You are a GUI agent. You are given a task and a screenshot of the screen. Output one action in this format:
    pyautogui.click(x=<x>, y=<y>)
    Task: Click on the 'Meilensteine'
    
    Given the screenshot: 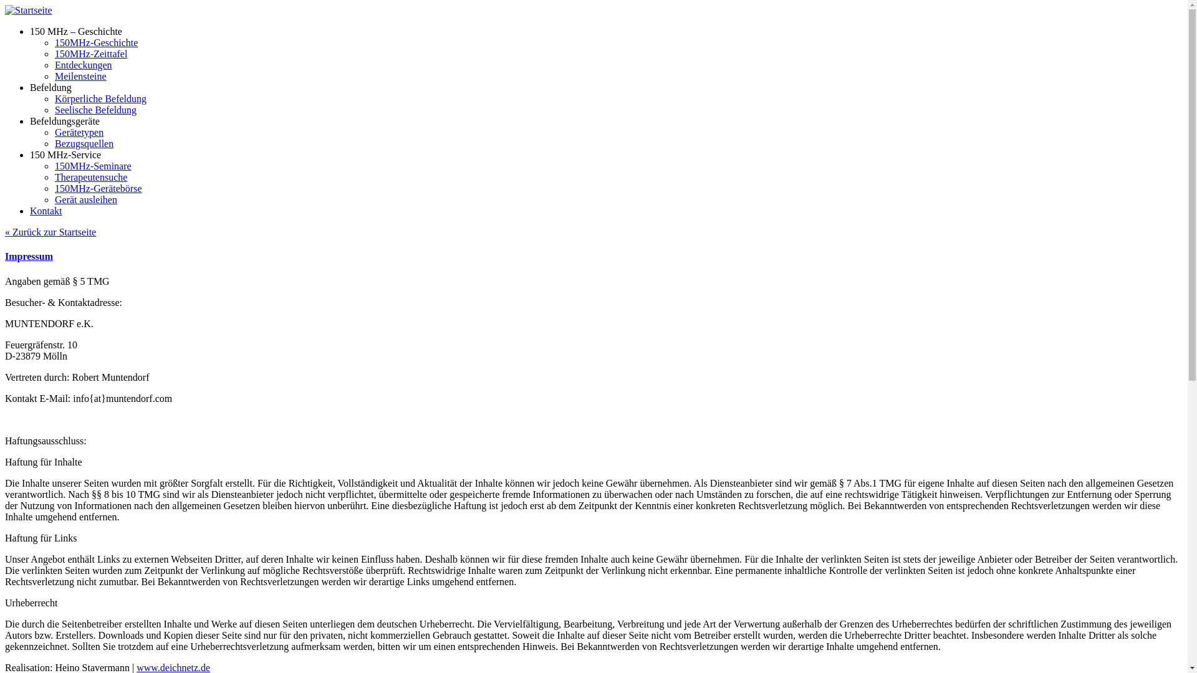 What is the action you would take?
    pyautogui.click(x=80, y=76)
    